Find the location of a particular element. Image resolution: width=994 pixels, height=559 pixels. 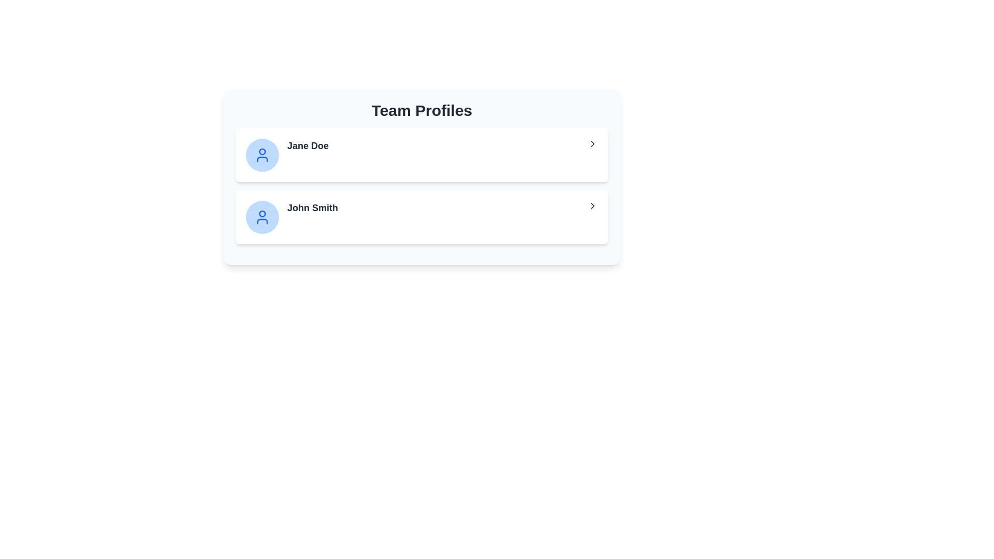

the navigational icon associated with 'John Smith' in the 'Team Profiles' section to potentially reveal a tooltip is located at coordinates (593, 205).